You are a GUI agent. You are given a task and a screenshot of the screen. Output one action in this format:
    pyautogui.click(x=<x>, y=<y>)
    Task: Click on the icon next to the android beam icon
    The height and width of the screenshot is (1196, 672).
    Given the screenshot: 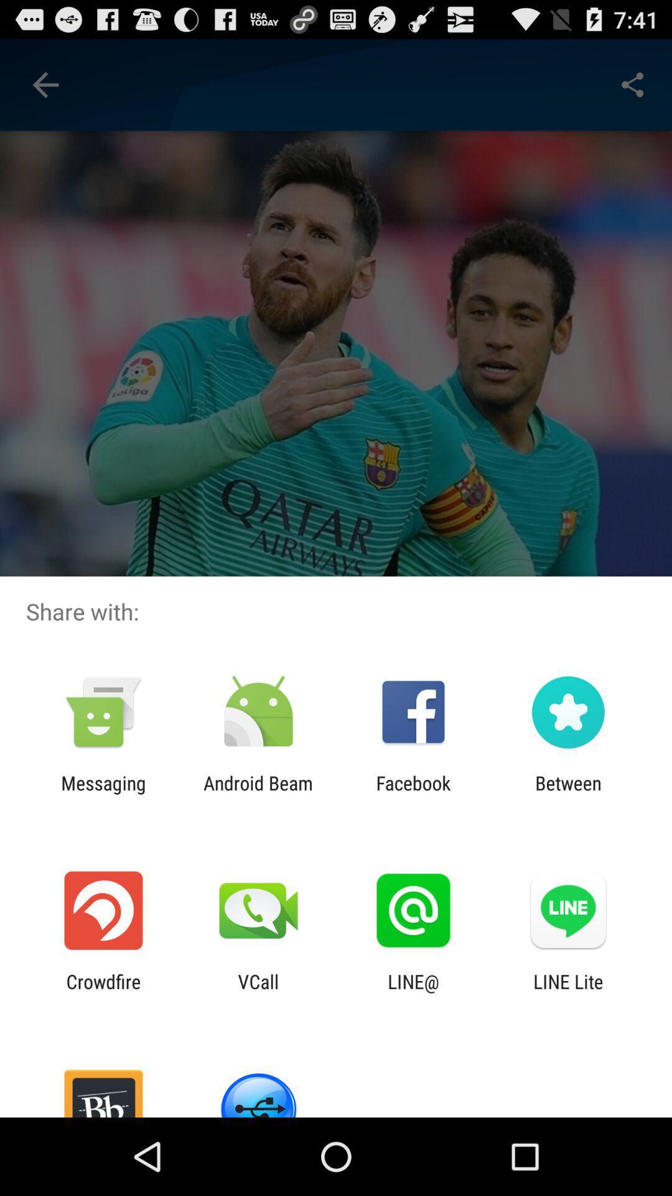 What is the action you would take?
    pyautogui.click(x=413, y=794)
    